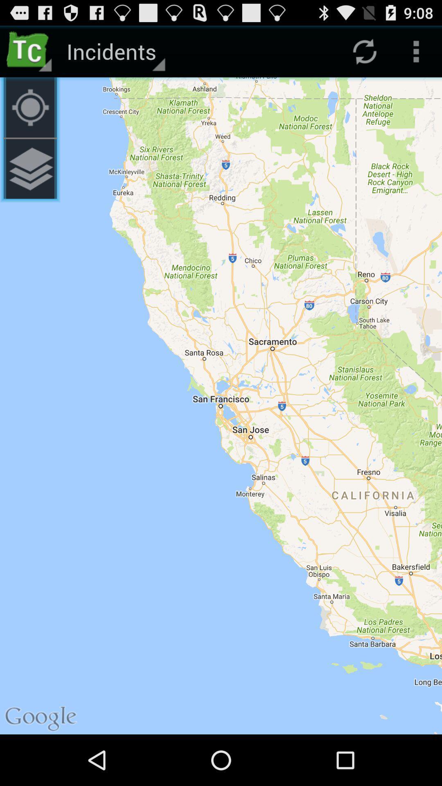 Image resolution: width=442 pixels, height=786 pixels. I want to click on item at the center, so click(221, 406).